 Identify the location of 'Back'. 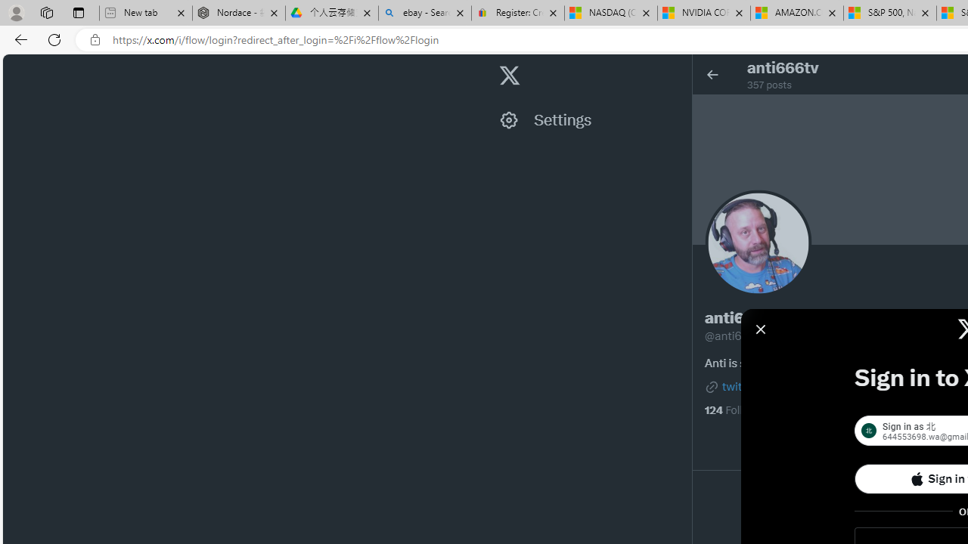
(18, 39).